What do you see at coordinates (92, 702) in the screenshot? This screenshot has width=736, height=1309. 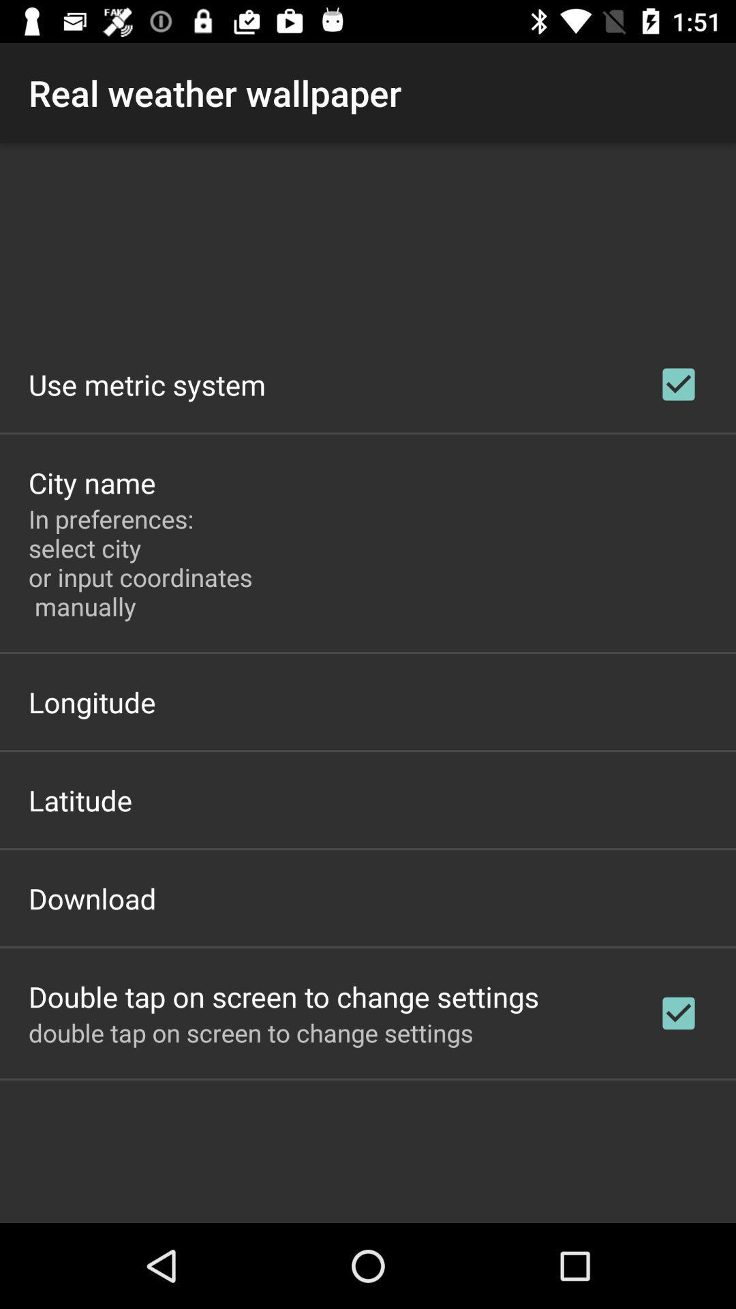 I see `the longitude` at bounding box center [92, 702].